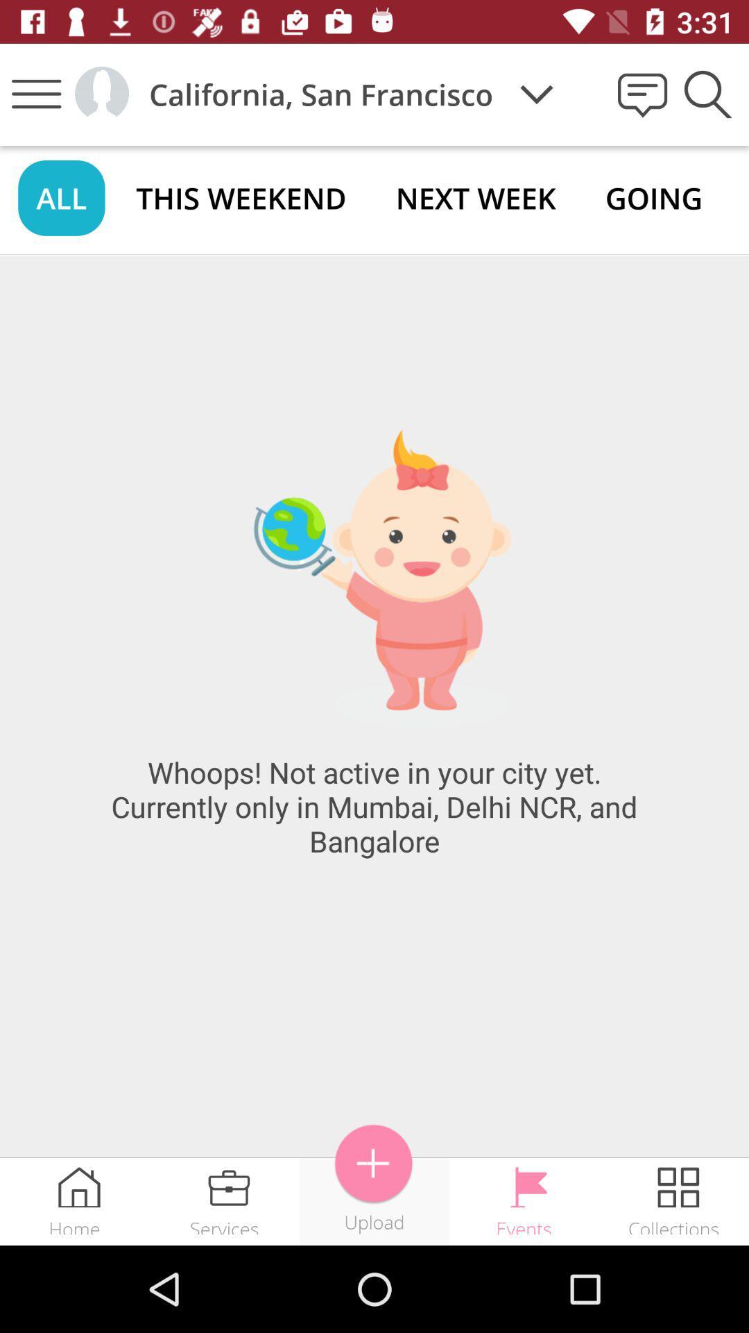 The height and width of the screenshot is (1333, 749). What do you see at coordinates (101, 93) in the screenshot?
I see `check profile` at bounding box center [101, 93].